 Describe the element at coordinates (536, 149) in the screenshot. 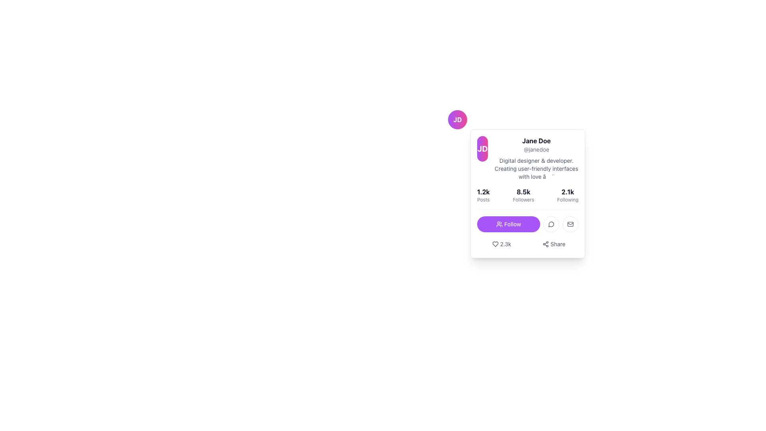

I see `the username '@janedoe' text label located in the user profile card` at that location.